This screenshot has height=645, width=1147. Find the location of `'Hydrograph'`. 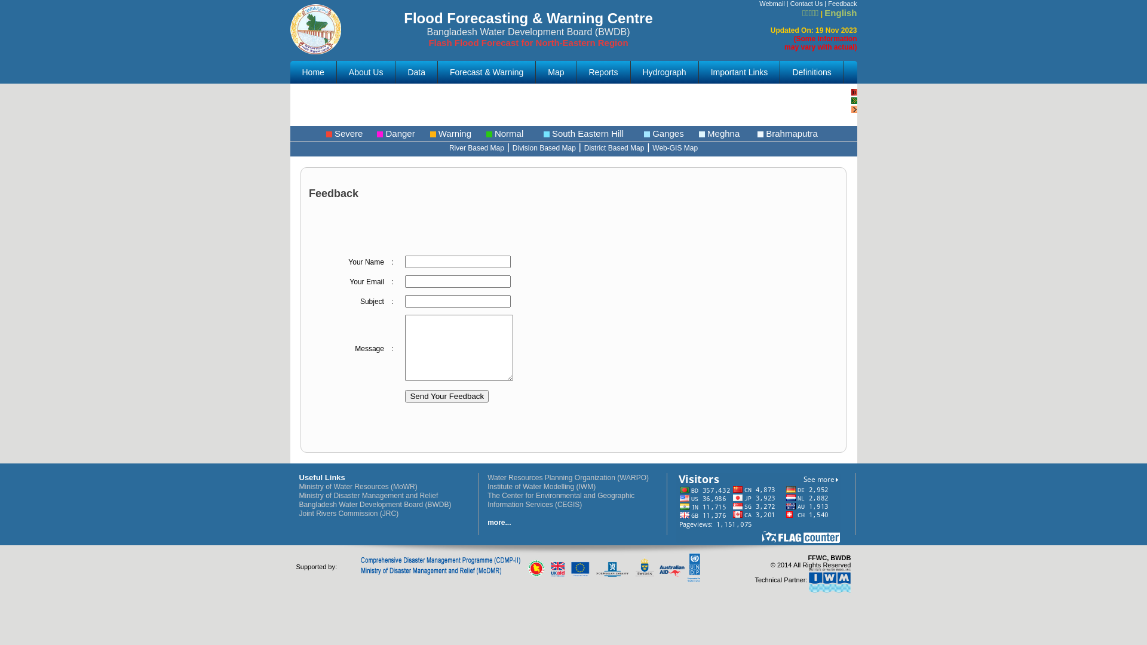

'Hydrograph' is located at coordinates (630, 72).